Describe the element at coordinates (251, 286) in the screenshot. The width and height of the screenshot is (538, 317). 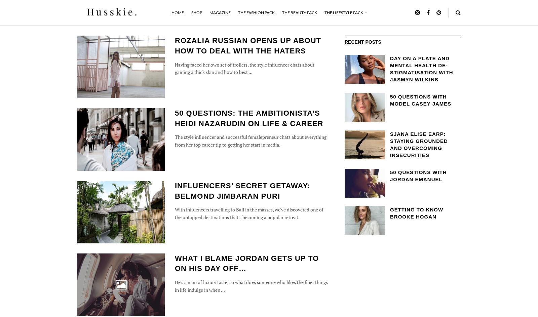
I see `'He's a man of luxury taste, so what does someone who likes the finer things in life indulge in when ...'` at that location.